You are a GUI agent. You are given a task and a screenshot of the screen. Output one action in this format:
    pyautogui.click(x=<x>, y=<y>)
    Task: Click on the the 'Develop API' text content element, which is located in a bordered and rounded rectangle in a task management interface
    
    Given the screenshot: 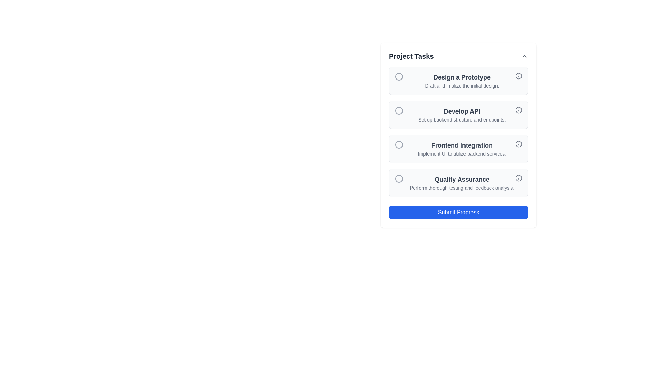 What is the action you would take?
    pyautogui.click(x=462, y=115)
    